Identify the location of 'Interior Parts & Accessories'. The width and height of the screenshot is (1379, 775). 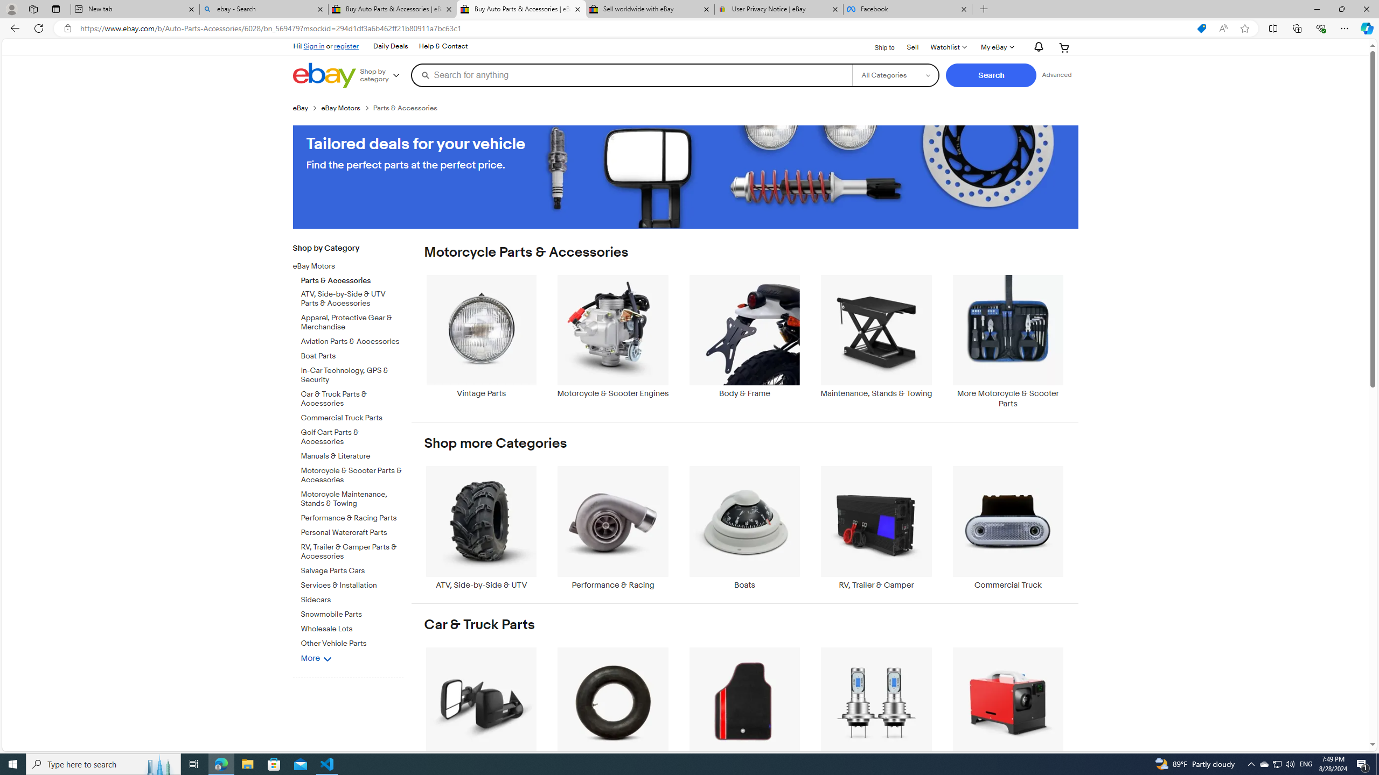
(744, 708).